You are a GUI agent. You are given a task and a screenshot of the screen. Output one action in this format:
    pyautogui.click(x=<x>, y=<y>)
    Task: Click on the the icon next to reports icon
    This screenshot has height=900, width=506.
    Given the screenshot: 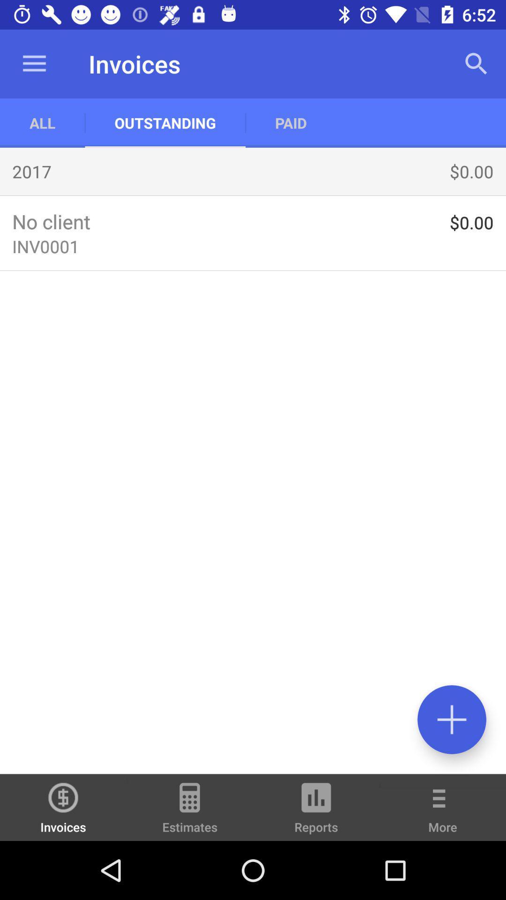 What is the action you would take?
    pyautogui.click(x=190, y=811)
    